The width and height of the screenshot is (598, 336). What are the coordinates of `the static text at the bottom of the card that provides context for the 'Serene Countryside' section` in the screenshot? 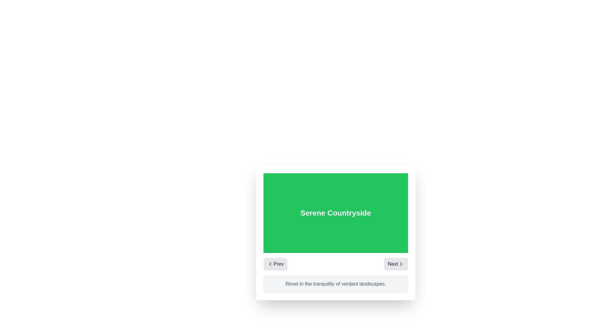 It's located at (335, 284).